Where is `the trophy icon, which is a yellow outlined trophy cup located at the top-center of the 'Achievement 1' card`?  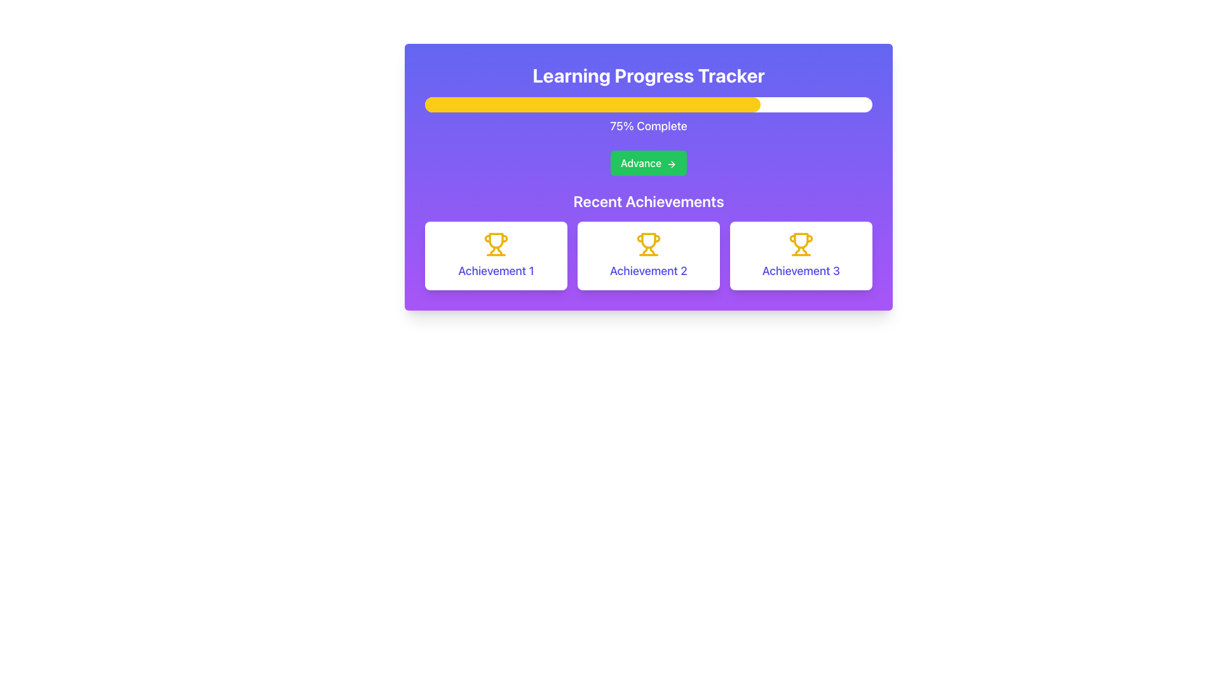 the trophy icon, which is a yellow outlined trophy cup located at the top-center of the 'Achievement 1' card is located at coordinates (496, 245).